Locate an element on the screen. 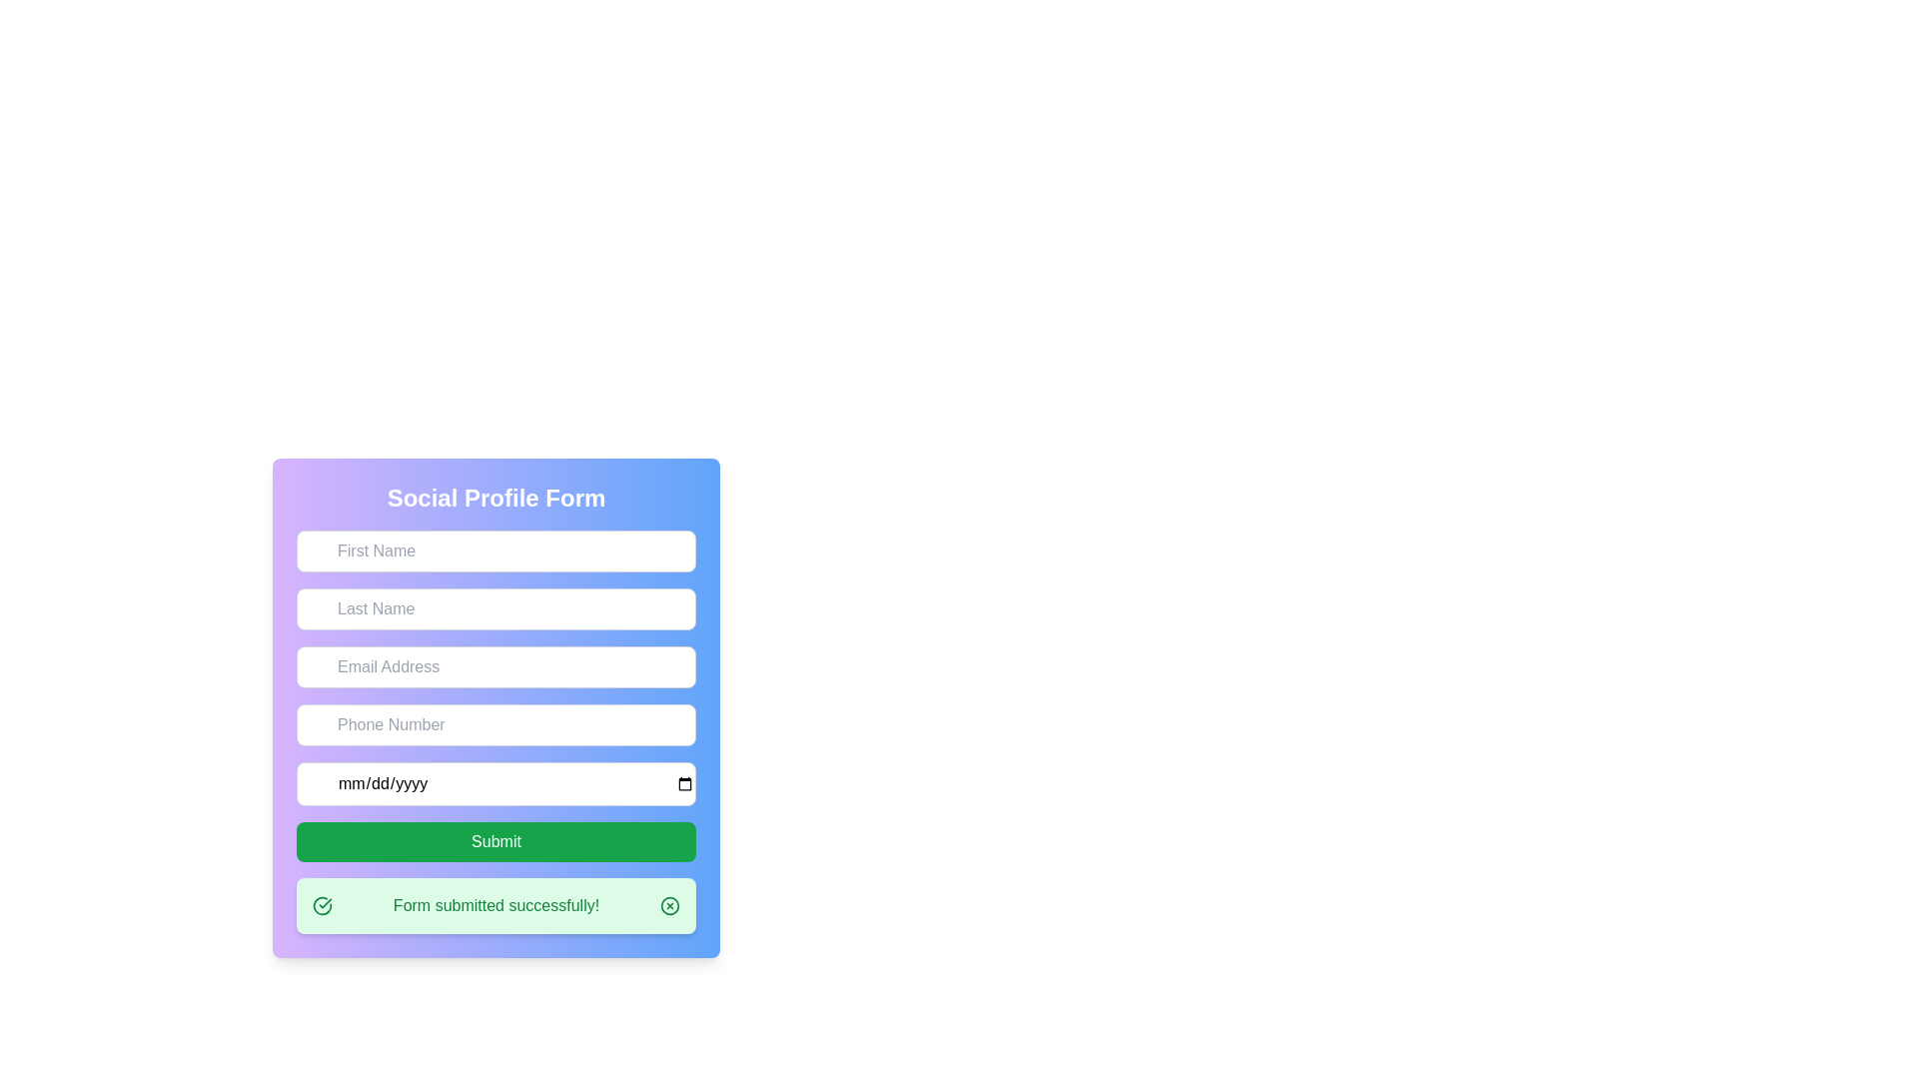 The image size is (1918, 1079). the circular icon button with a green border and a green cross is located at coordinates (670, 905).